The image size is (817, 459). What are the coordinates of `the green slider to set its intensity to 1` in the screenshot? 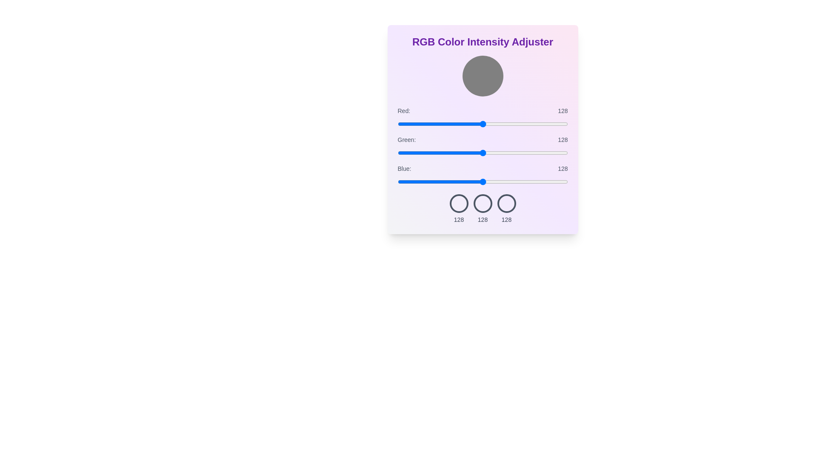 It's located at (398, 152).